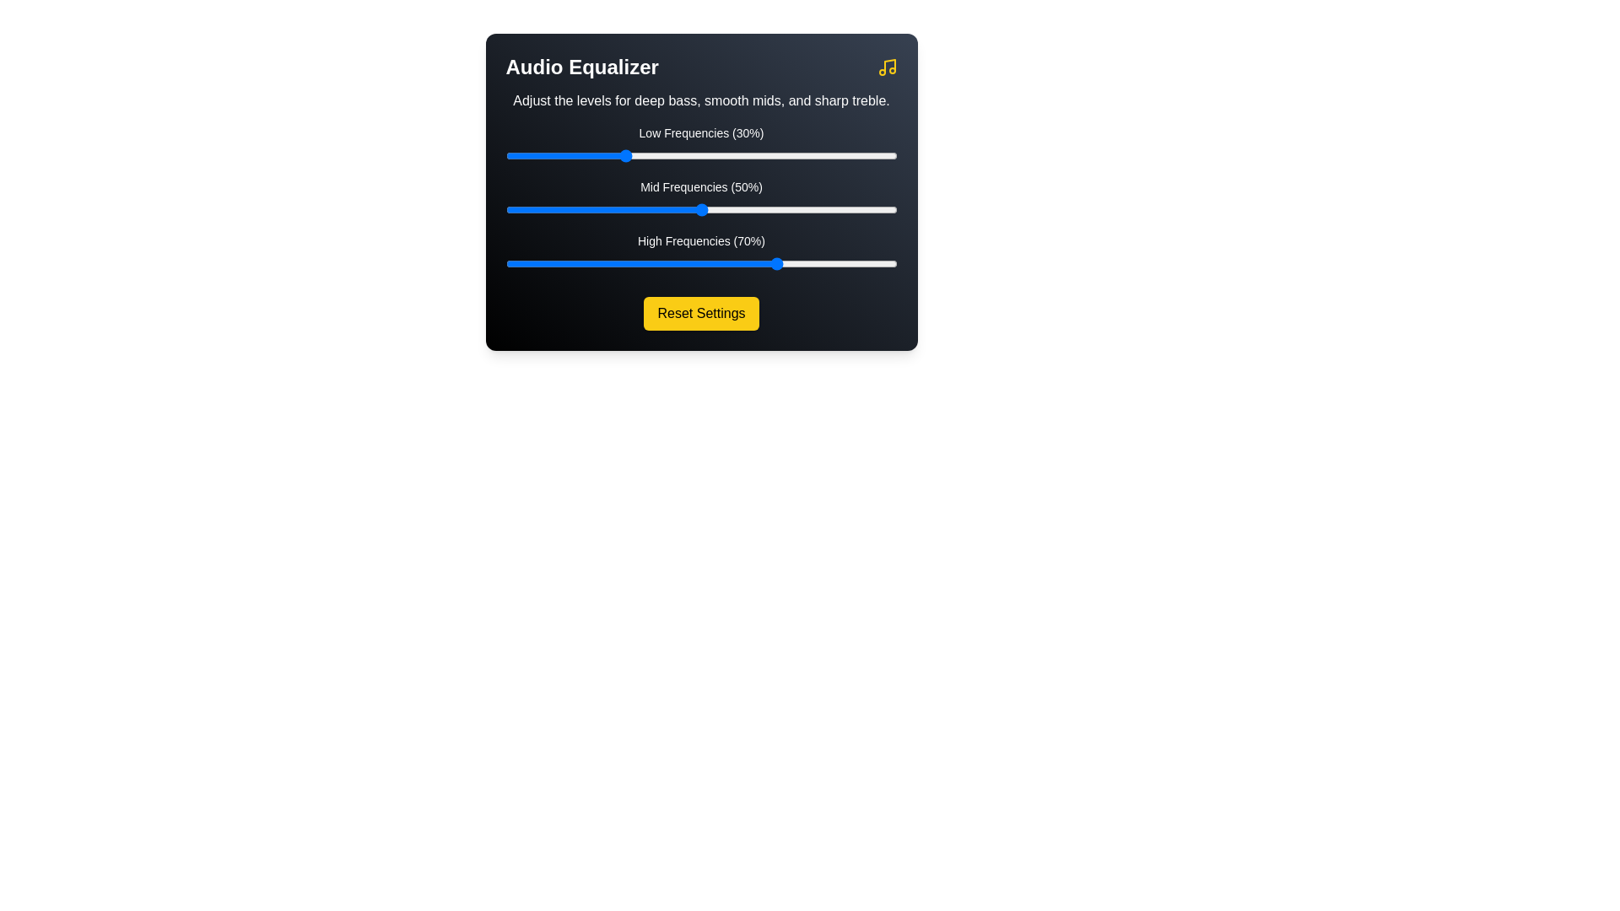  What do you see at coordinates (782, 156) in the screenshot?
I see `the low frequency slider to 71%` at bounding box center [782, 156].